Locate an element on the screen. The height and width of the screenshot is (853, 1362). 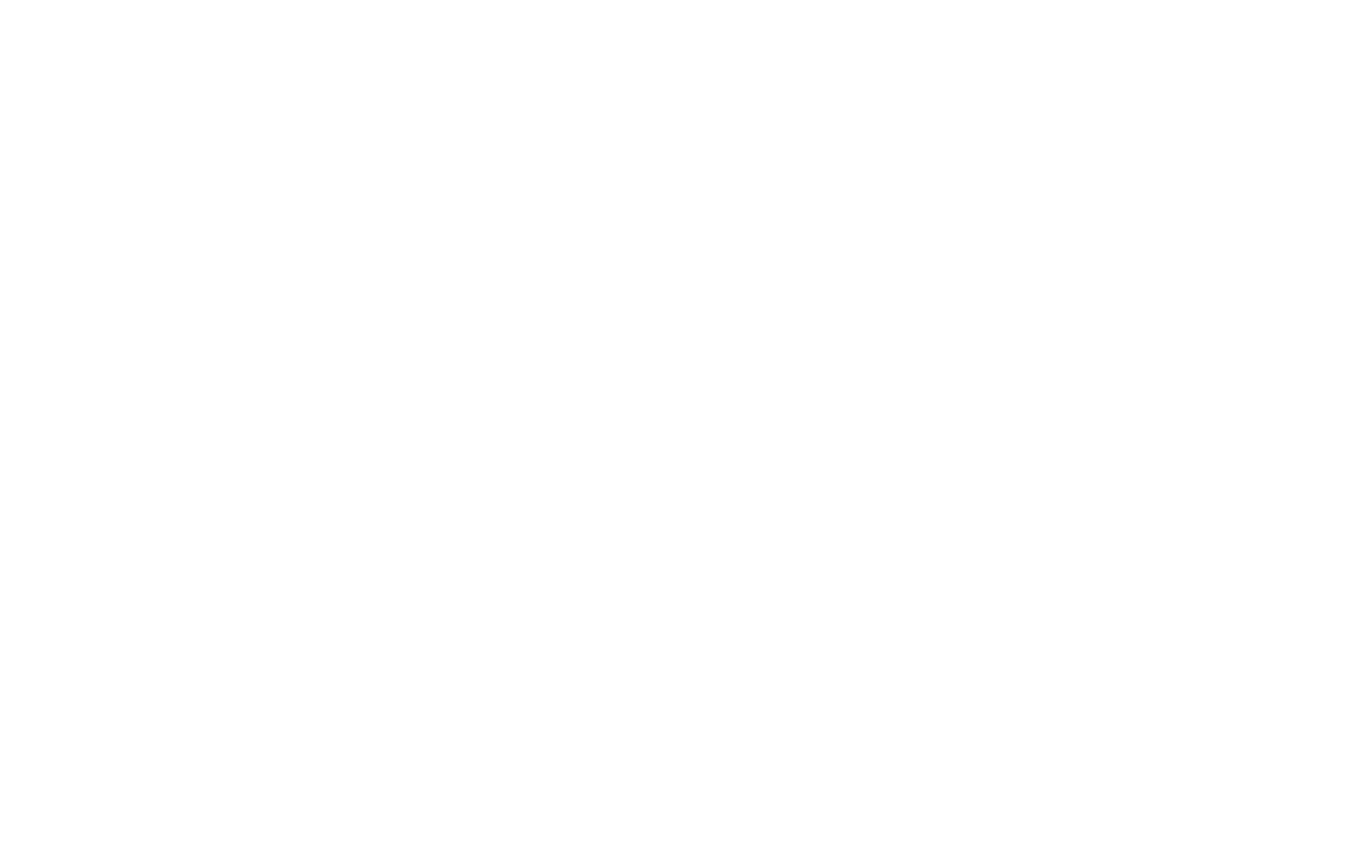
'(MO - FR 9:00 - 17:00)' is located at coordinates (434, 453).